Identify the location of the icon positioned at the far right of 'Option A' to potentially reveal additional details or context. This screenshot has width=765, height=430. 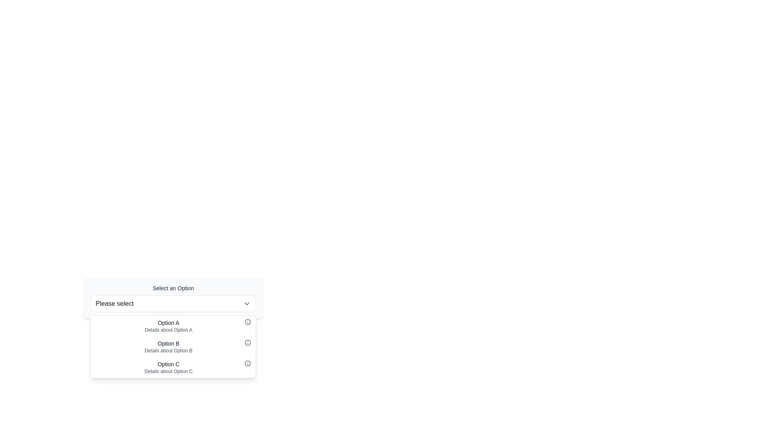
(247, 322).